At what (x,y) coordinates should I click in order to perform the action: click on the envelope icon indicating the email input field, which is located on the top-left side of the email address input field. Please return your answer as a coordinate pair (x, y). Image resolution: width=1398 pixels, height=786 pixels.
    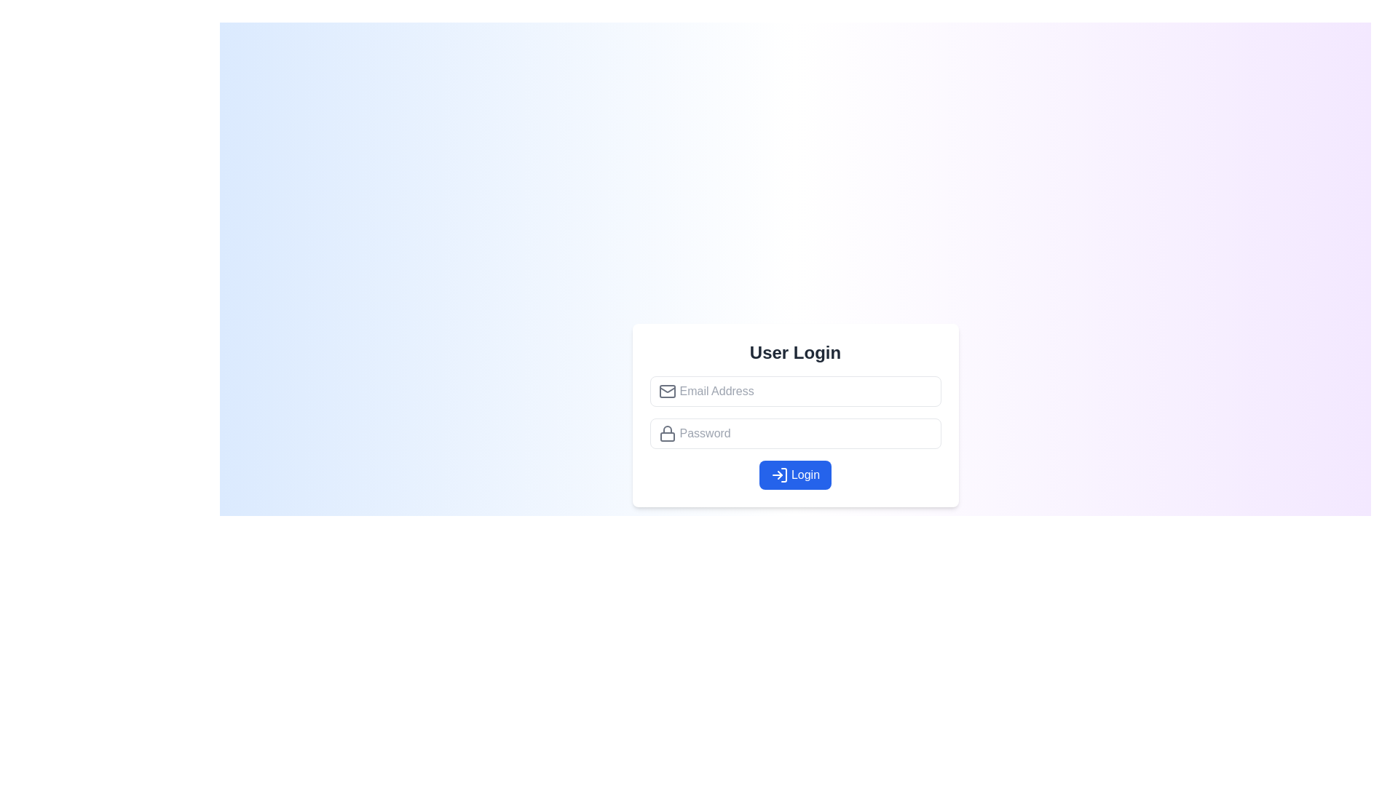
    Looking at the image, I should click on (666, 390).